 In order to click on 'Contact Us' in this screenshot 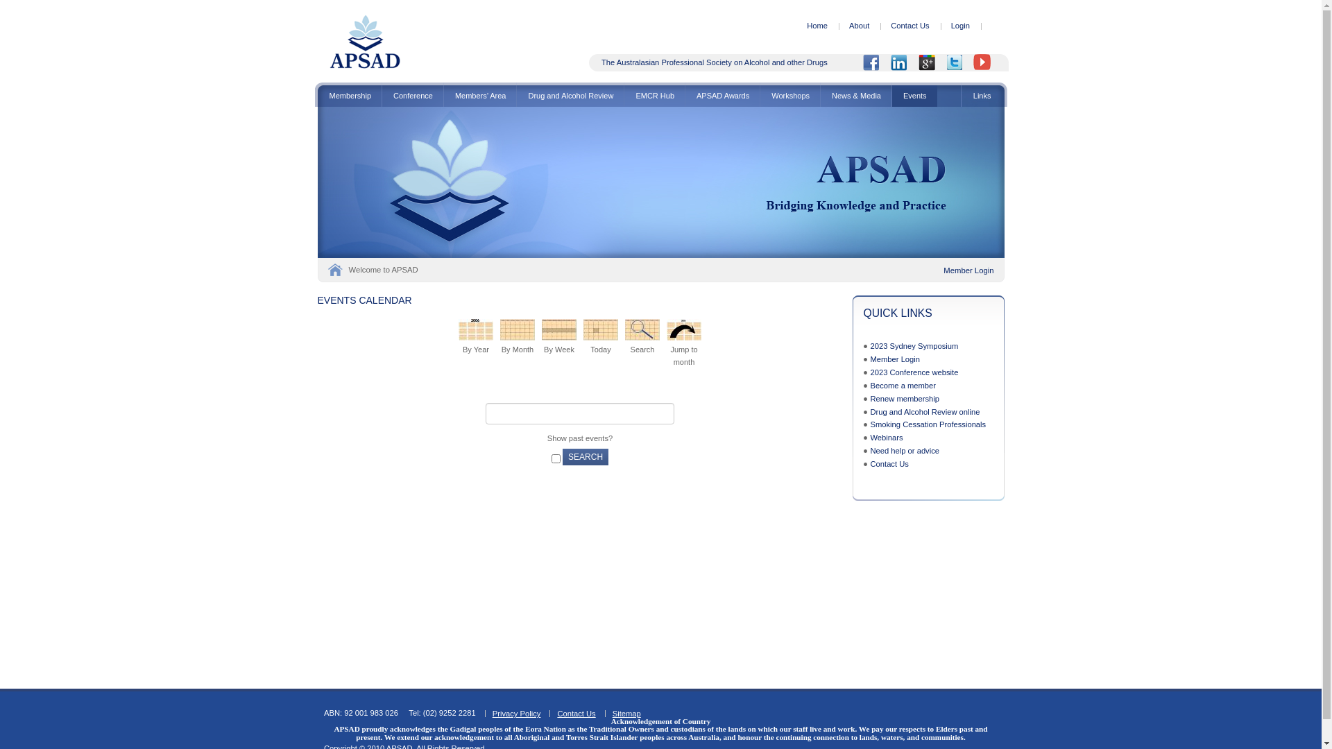, I will do `click(576, 714)`.